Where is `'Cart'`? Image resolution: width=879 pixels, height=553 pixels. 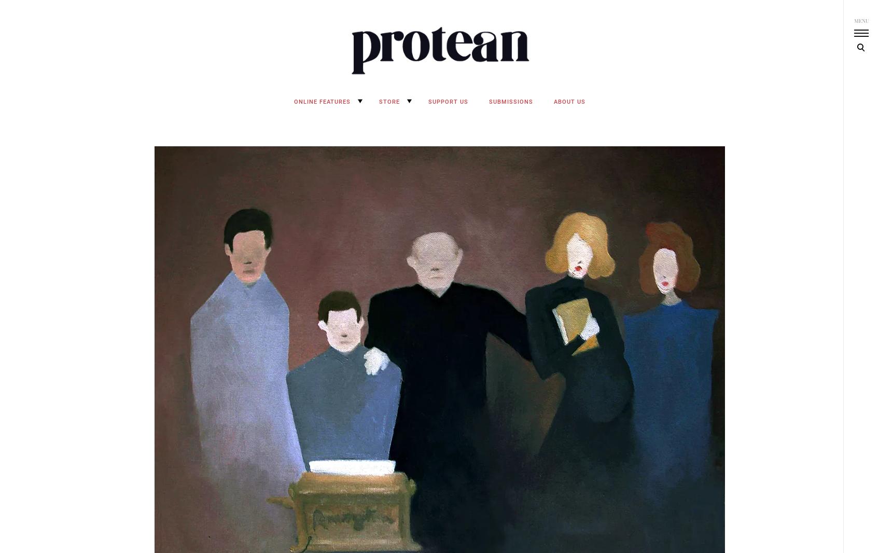 'Cart' is located at coordinates (357, 125).